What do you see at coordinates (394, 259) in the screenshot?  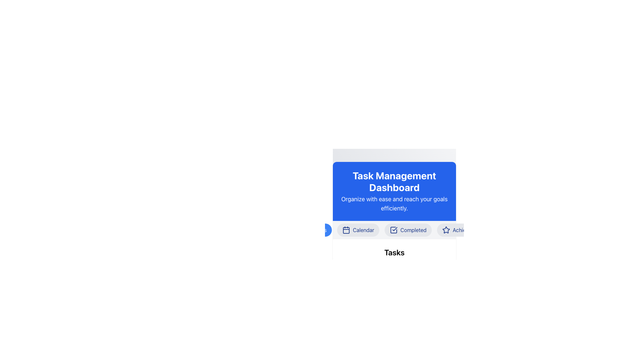 I see `the Text Label that serves as a heading, centrally located above additional task descriptions` at bounding box center [394, 259].